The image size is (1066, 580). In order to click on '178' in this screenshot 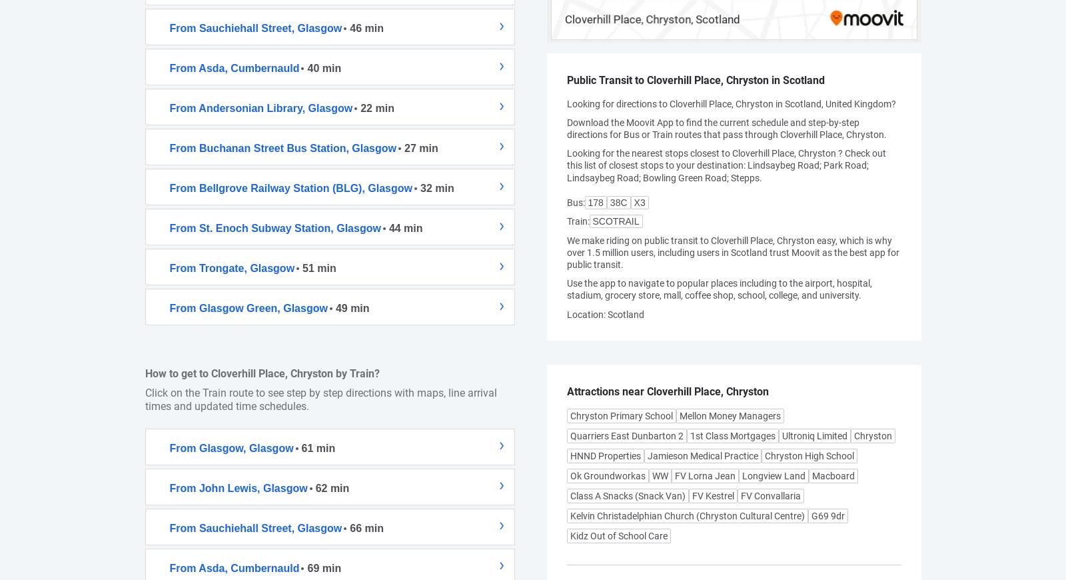, I will do `click(594, 202)`.